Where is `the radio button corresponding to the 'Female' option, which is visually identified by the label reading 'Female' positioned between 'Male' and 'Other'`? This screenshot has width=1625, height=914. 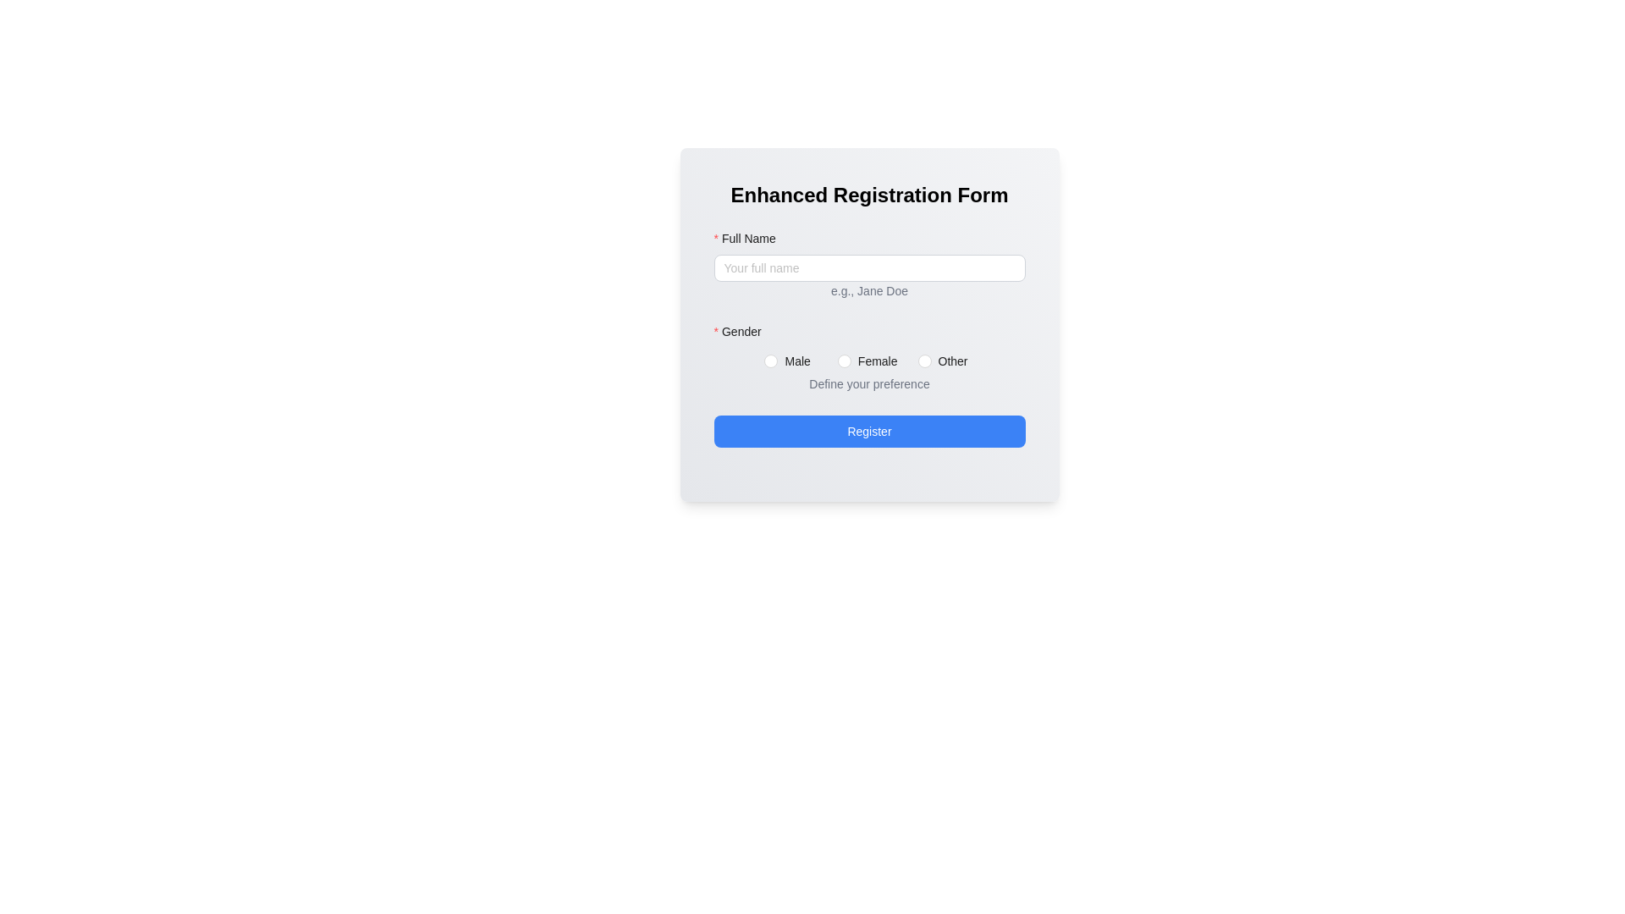
the radio button corresponding to the 'Female' option, which is visually identified by the label reading 'Female' positioned between 'Male' and 'Other' is located at coordinates (878, 361).